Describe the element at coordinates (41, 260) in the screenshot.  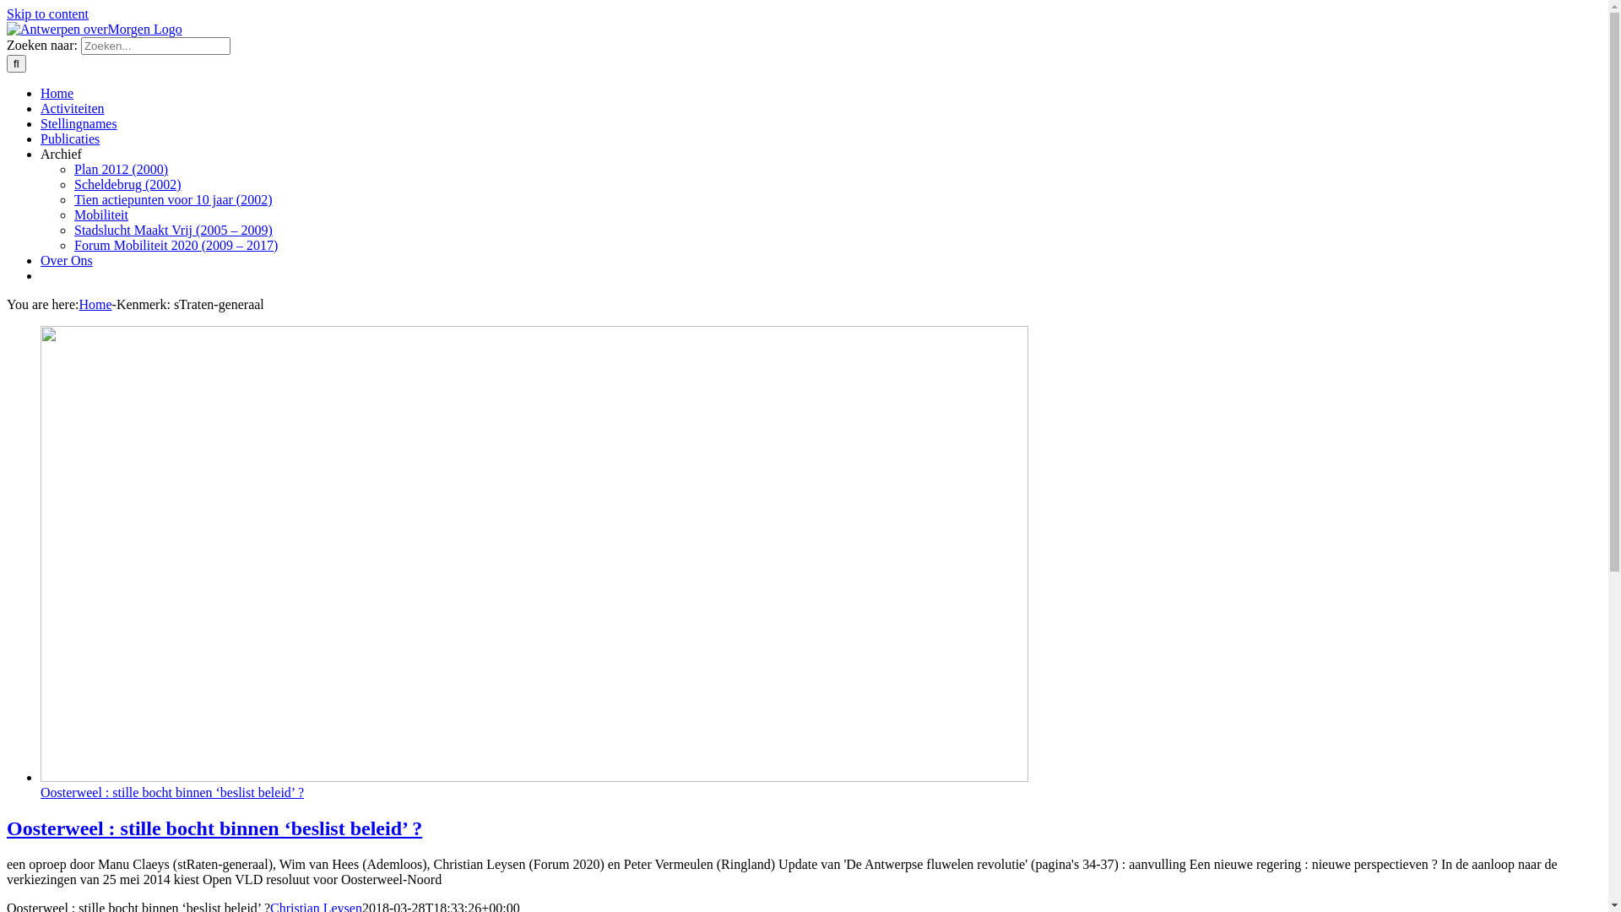
I see `'Over Ons'` at that location.